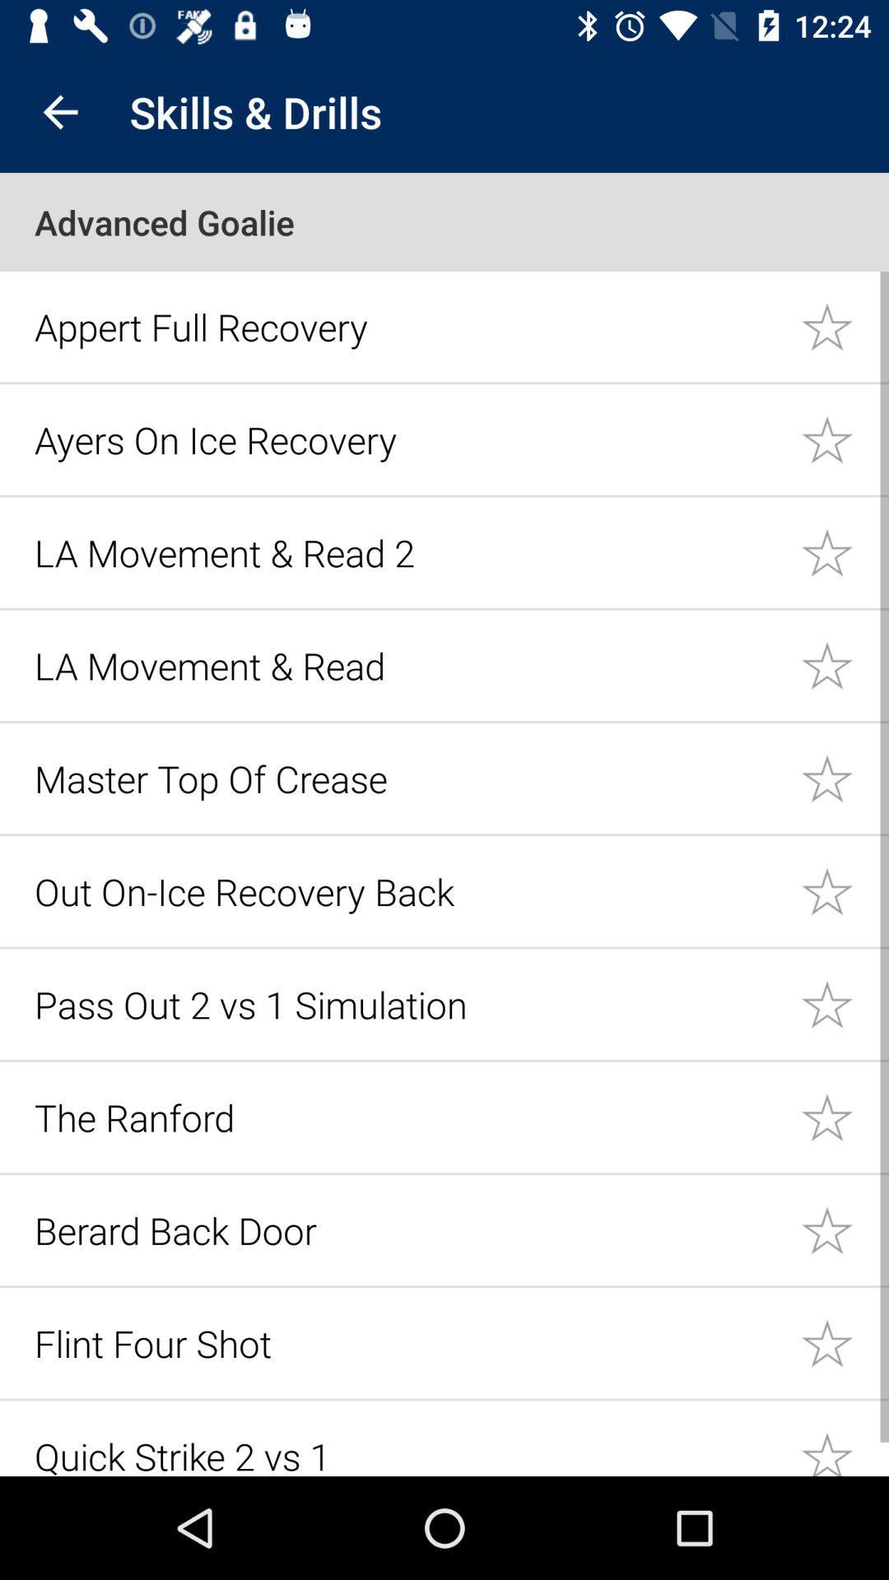 The width and height of the screenshot is (889, 1580). Describe the element at coordinates (407, 778) in the screenshot. I see `item below the la movement & read item` at that location.